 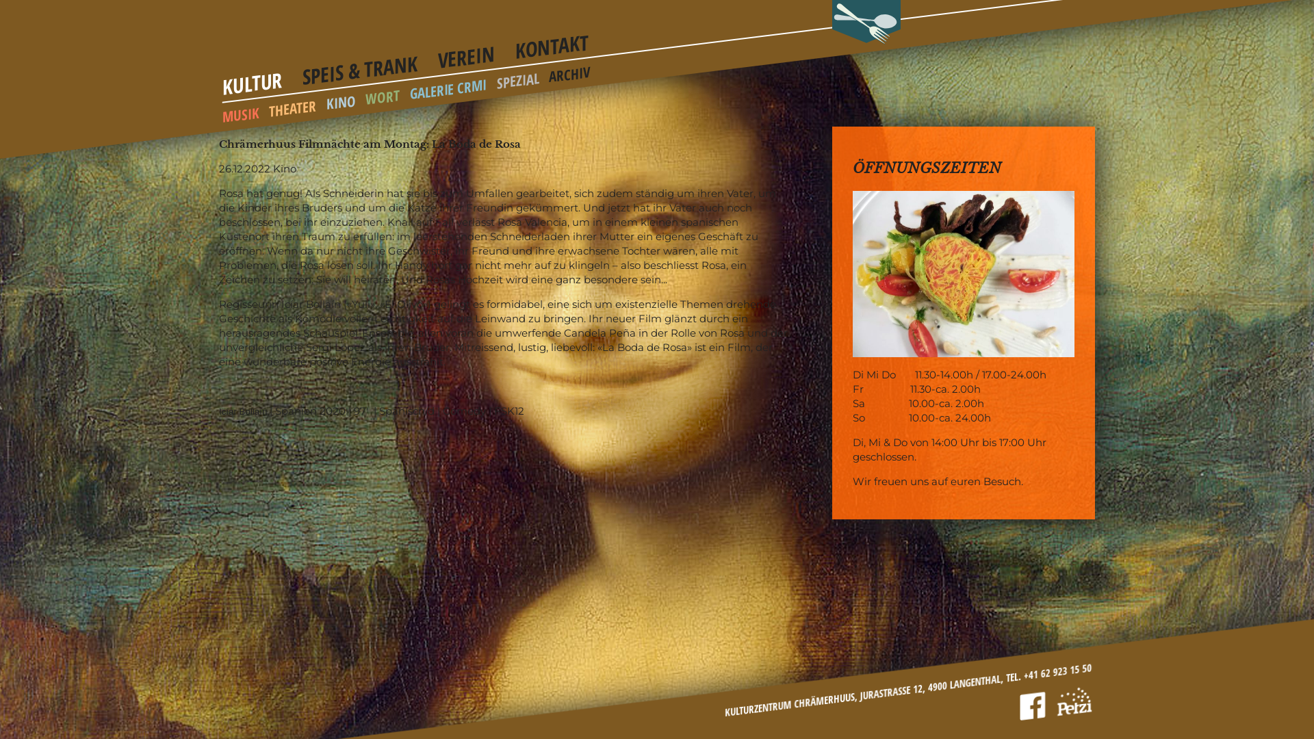 What do you see at coordinates (448, 84) in the screenshot?
I see `'GALERIE CRMI'` at bounding box center [448, 84].